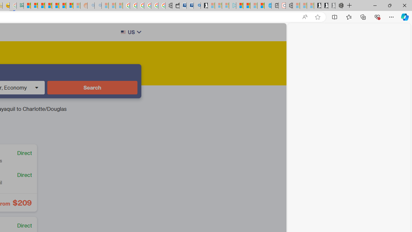  What do you see at coordinates (176, 5) in the screenshot?
I see `'Wallet'` at bounding box center [176, 5].